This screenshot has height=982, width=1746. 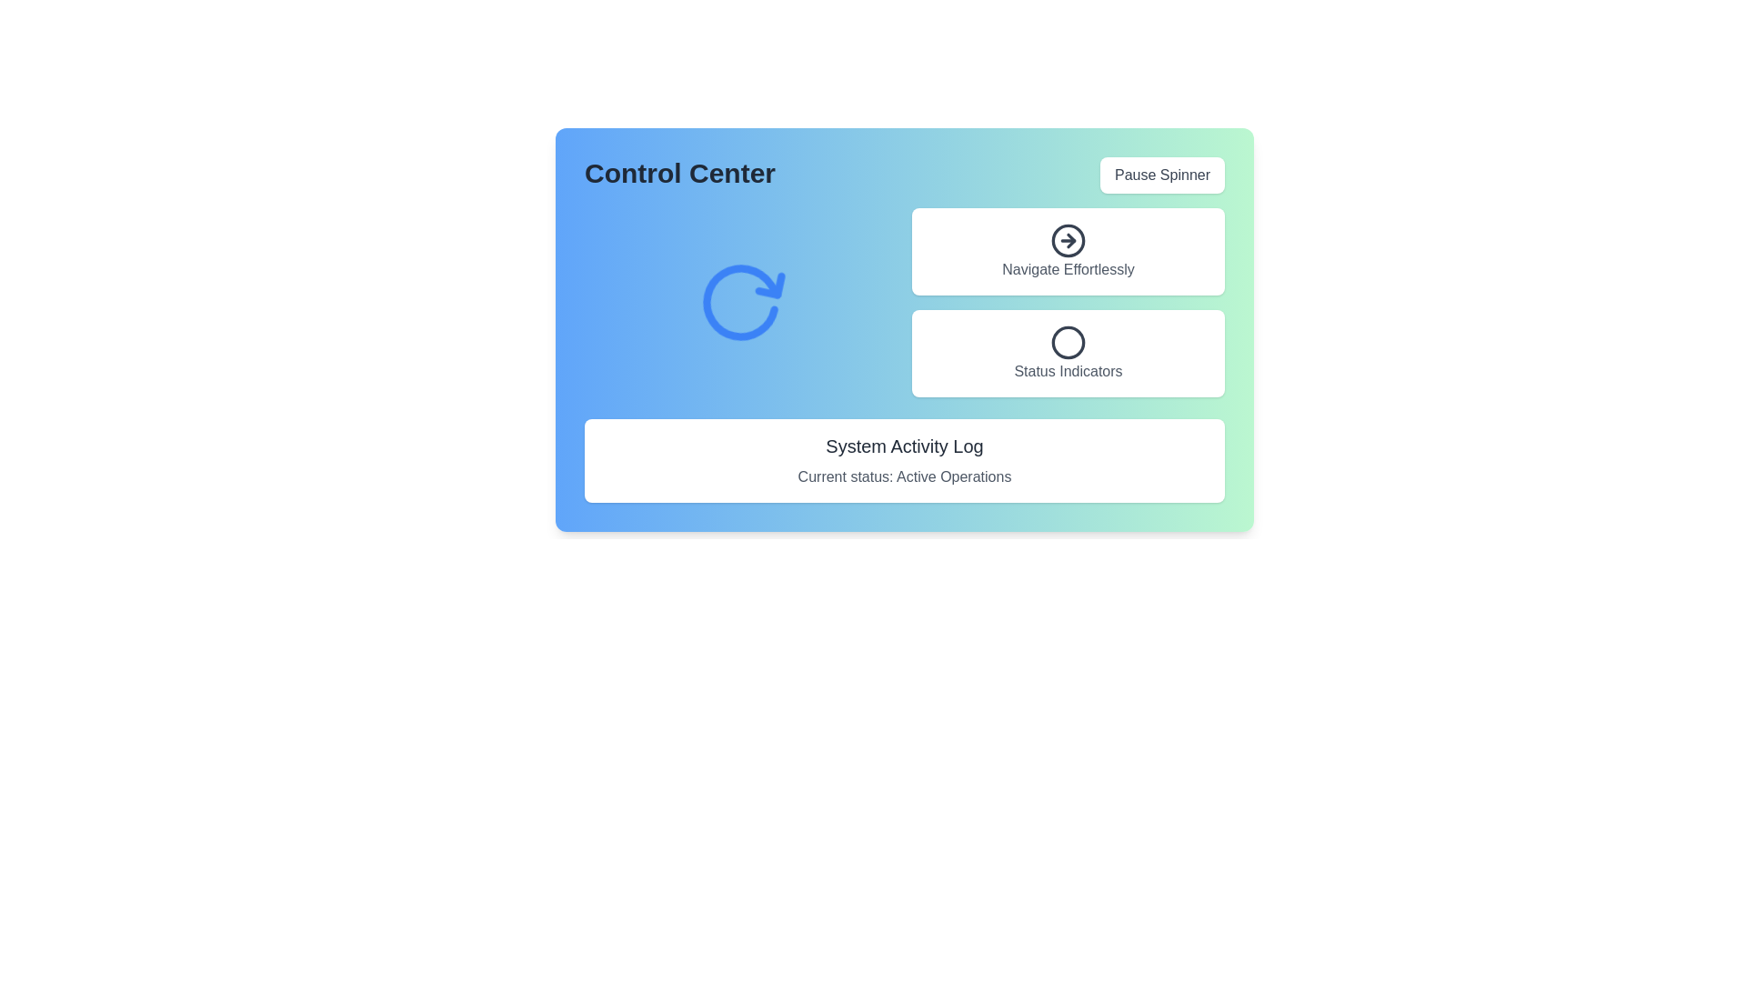 What do you see at coordinates (1069, 354) in the screenshot?
I see `the 'Status Indicators' text on the second card in the central area of the interface for more information` at bounding box center [1069, 354].